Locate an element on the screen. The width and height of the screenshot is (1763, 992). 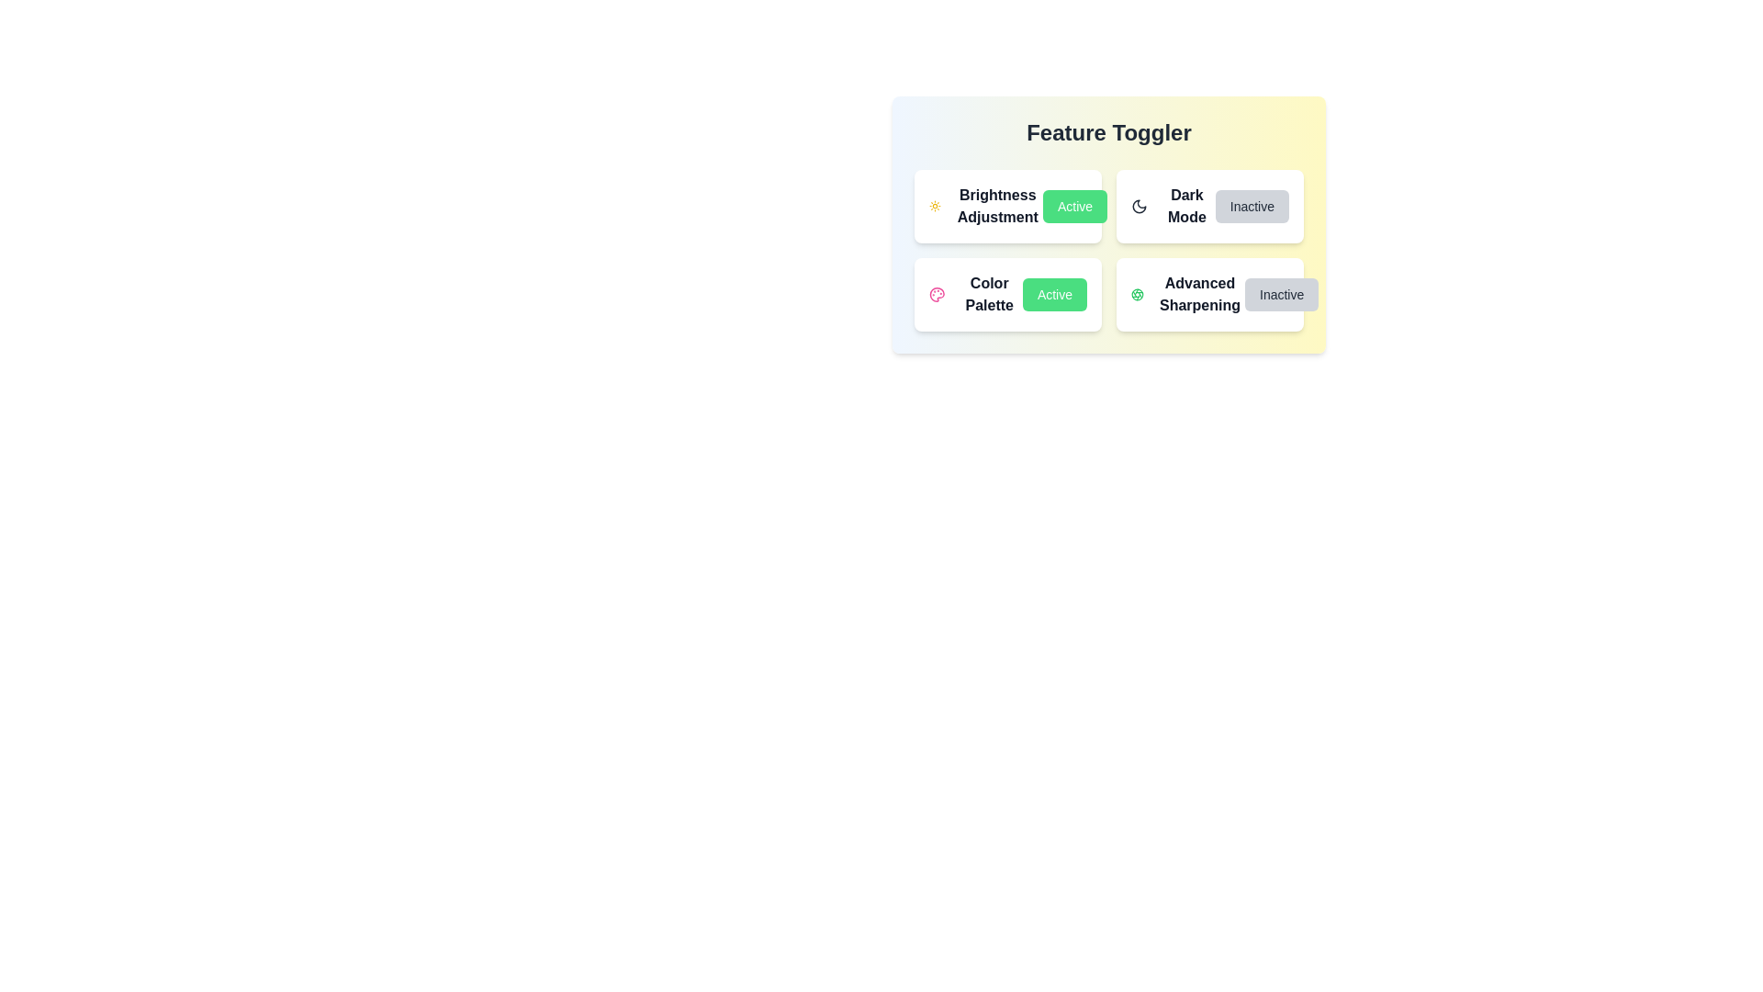
button corresponding to the feature Color Palette to toggle its state is located at coordinates (1054, 293).